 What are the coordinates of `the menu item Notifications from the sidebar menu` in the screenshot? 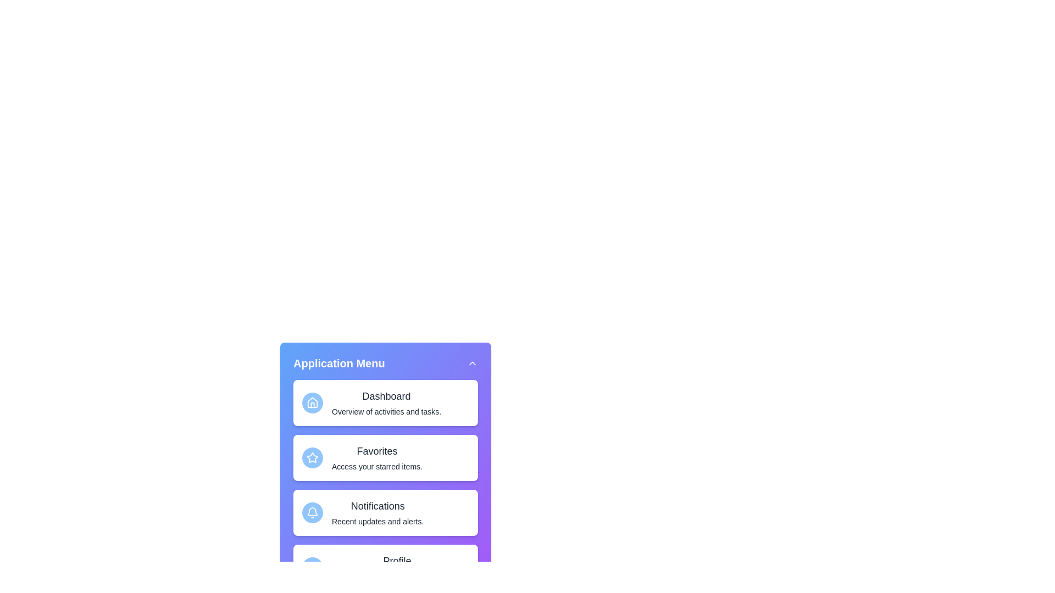 It's located at (385, 512).